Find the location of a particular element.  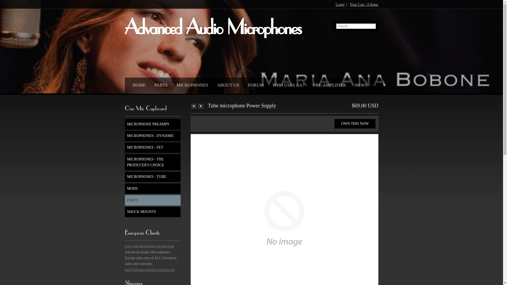

'ABOUT US' is located at coordinates (227, 84).